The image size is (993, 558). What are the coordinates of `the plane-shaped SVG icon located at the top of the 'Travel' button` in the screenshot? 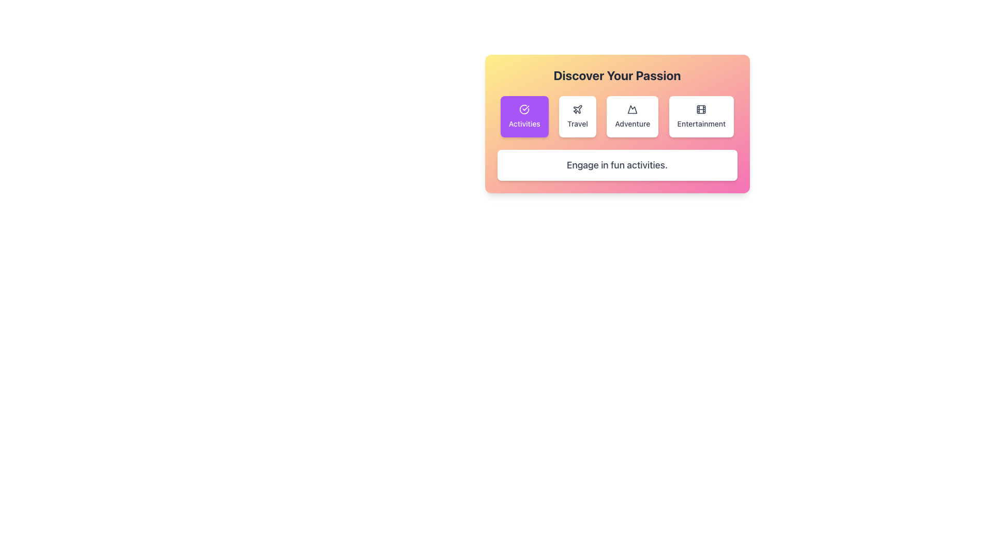 It's located at (577, 110).